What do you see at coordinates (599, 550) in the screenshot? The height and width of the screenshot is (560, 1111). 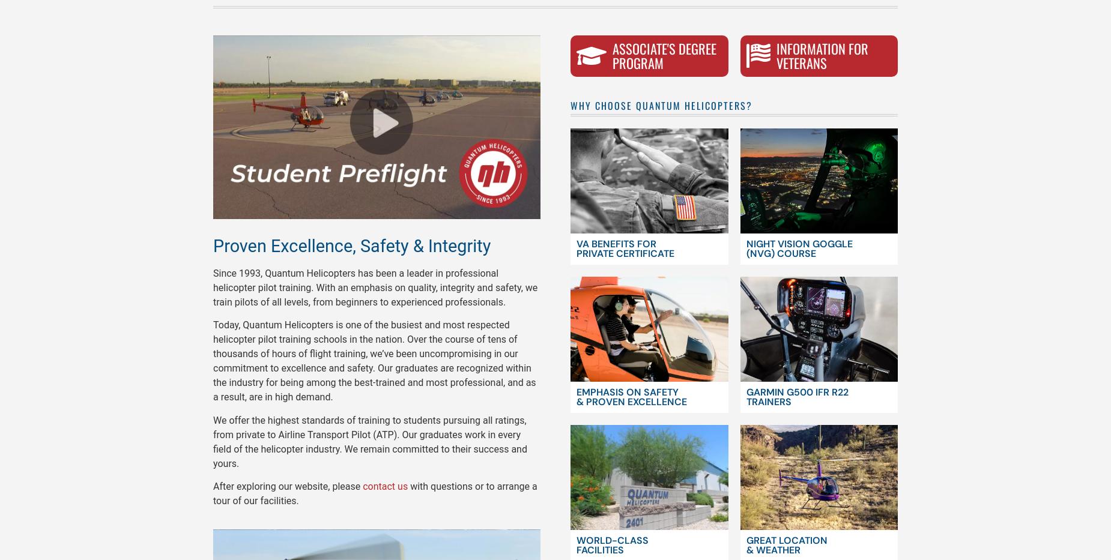 I see `'Facilities'` at bounding box center [599, 550].